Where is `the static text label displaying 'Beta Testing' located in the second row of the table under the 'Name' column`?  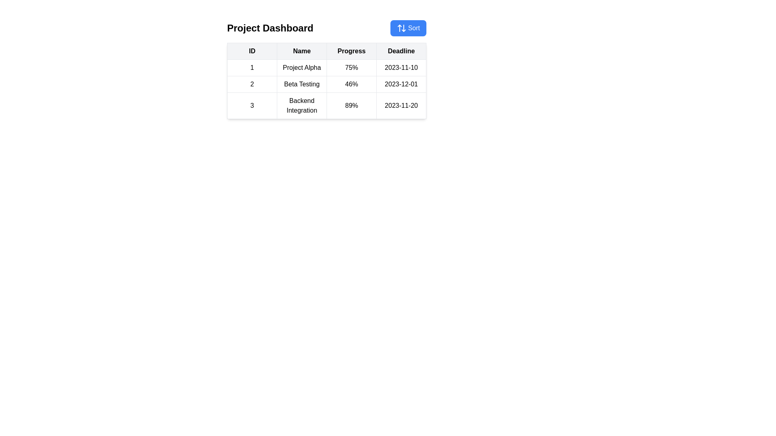 the static text label displaying 'Beta Testing' located in the second row of the table under the 'Name' column is located at coordinates (302, 84).